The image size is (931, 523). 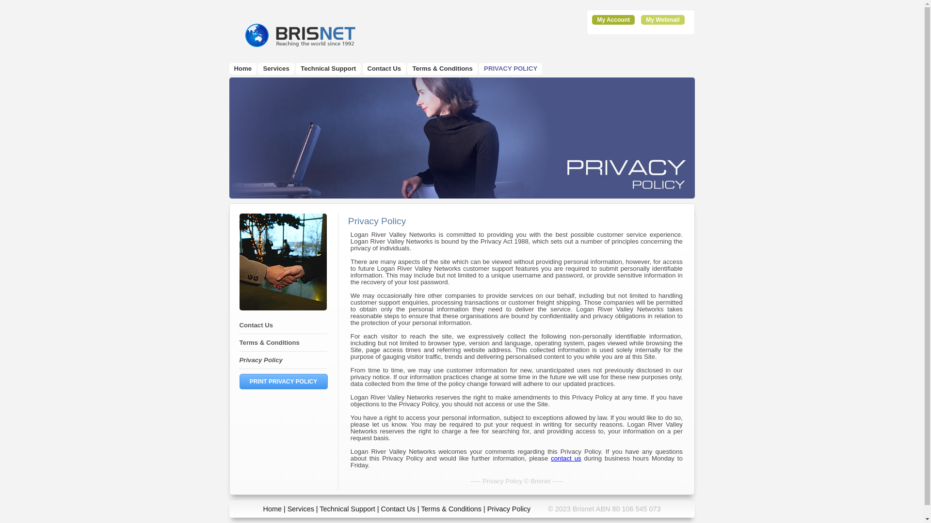 I want to click on 'My Webmail', so click(x=662, y=20).